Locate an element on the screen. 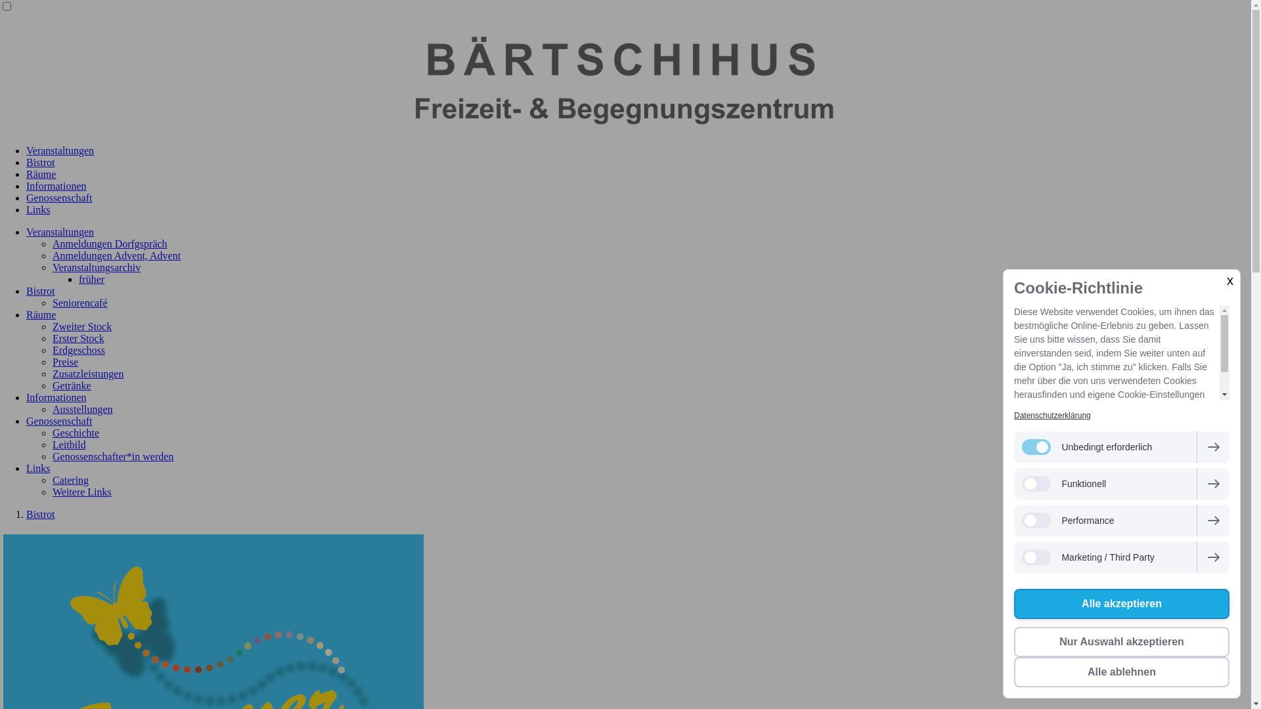  'Erster Stock' is located at coordinates (77, 337).